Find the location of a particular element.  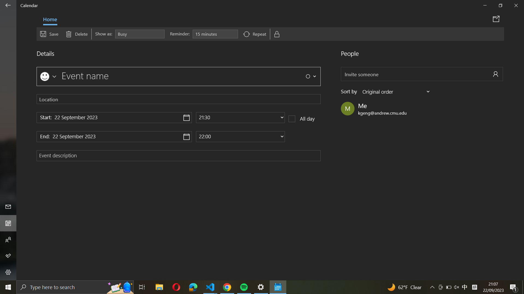

start date as "22 December 2020 is located at coordinates (114, 117).